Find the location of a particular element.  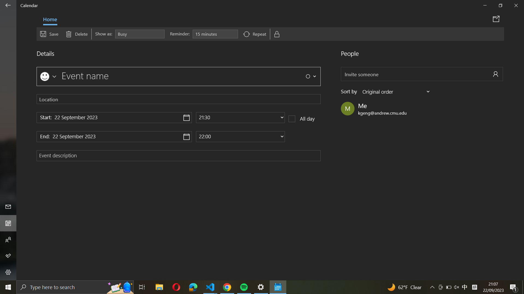

start date as "22 December 2020 is located at coordinates (114, 117).